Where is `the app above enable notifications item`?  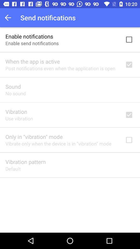
the app above enable notifications item is located at coordinates (9, 18).